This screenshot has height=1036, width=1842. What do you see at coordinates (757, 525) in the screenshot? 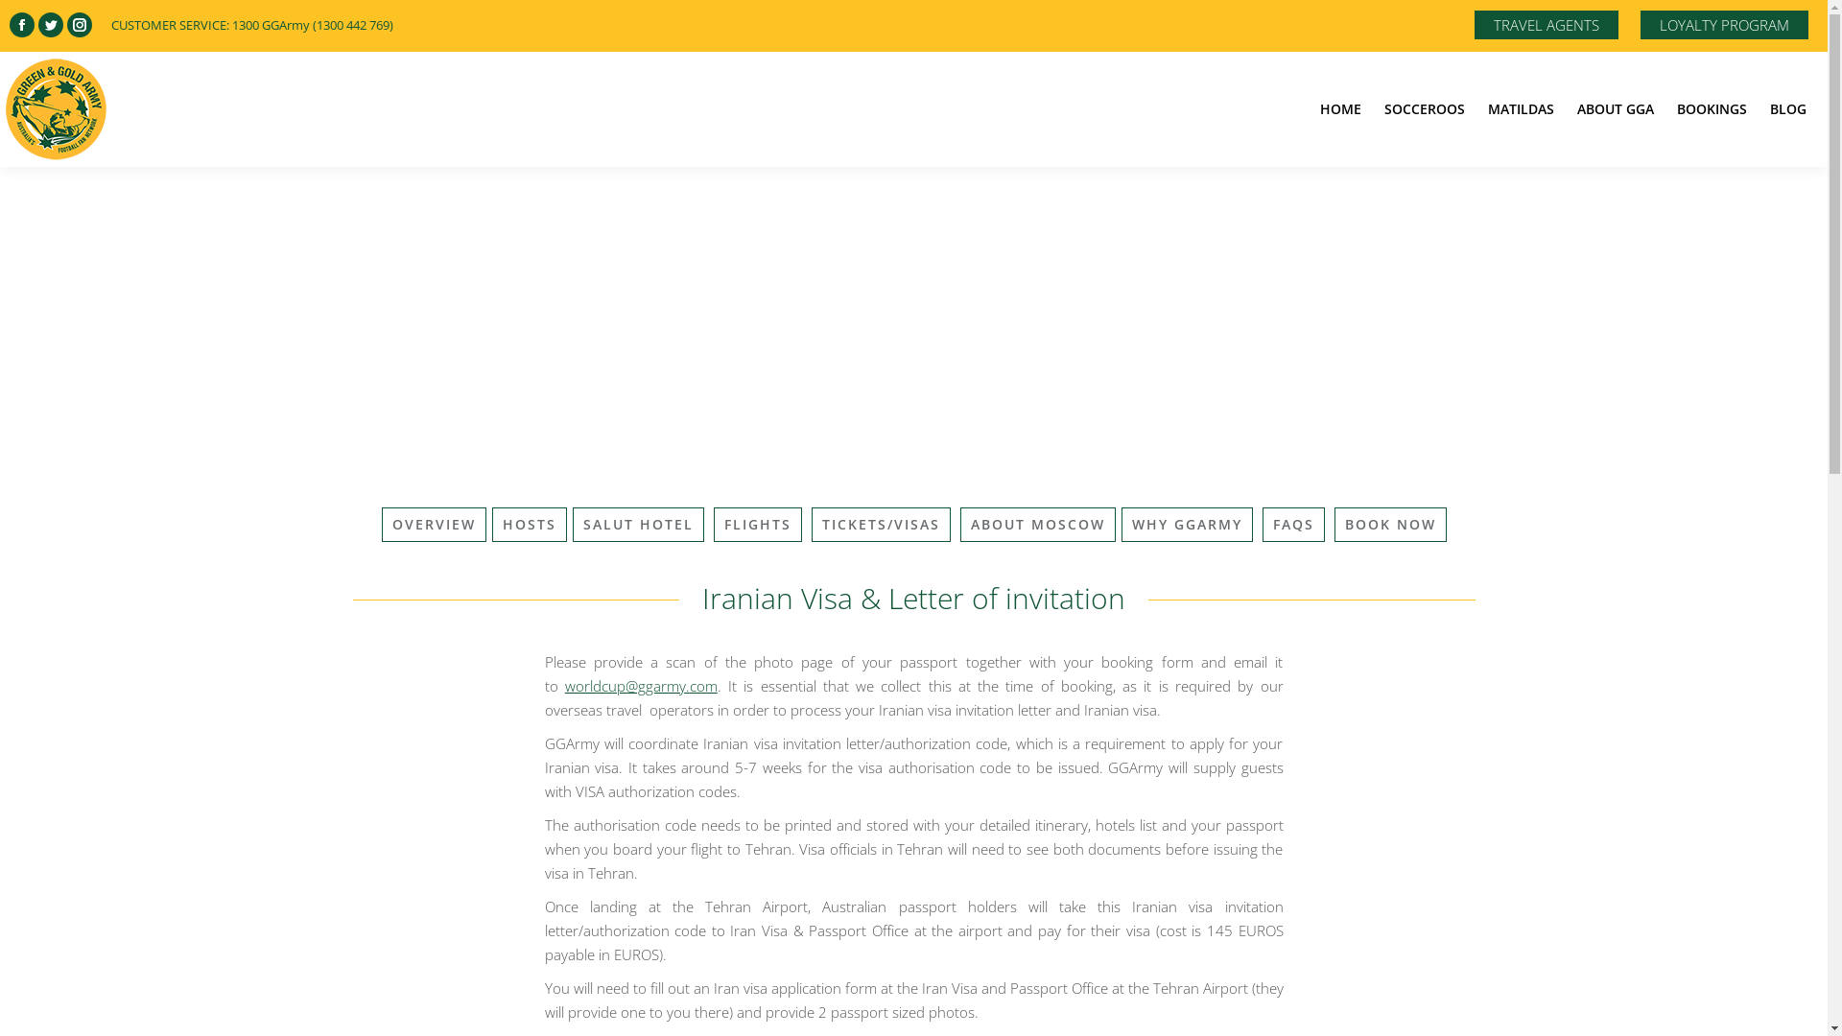
I see `'FLIGHTS'` at bounding box center [757, 525].